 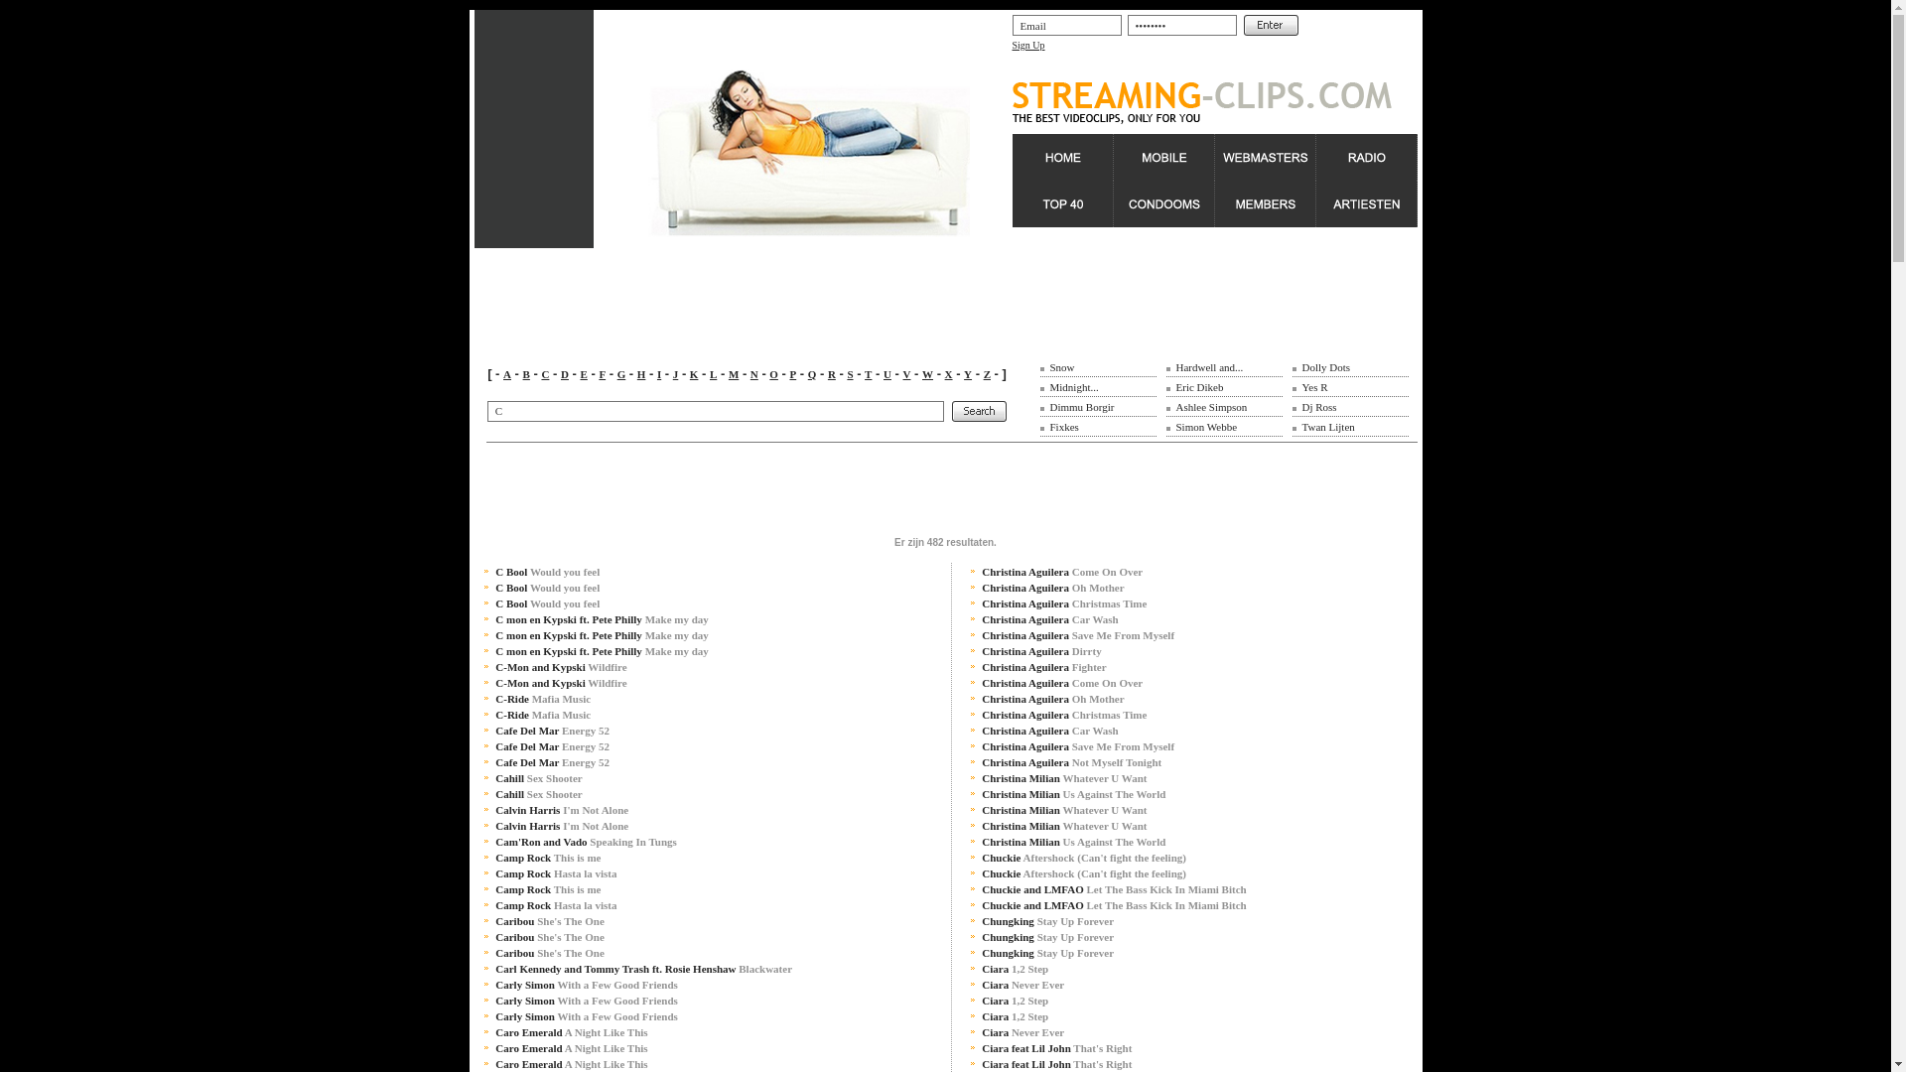 What do you see at coordinates (1062, 810) in the screenshot?
I see `'Christina Milian Whatever U Want'` at bounding box center [1062, 810].